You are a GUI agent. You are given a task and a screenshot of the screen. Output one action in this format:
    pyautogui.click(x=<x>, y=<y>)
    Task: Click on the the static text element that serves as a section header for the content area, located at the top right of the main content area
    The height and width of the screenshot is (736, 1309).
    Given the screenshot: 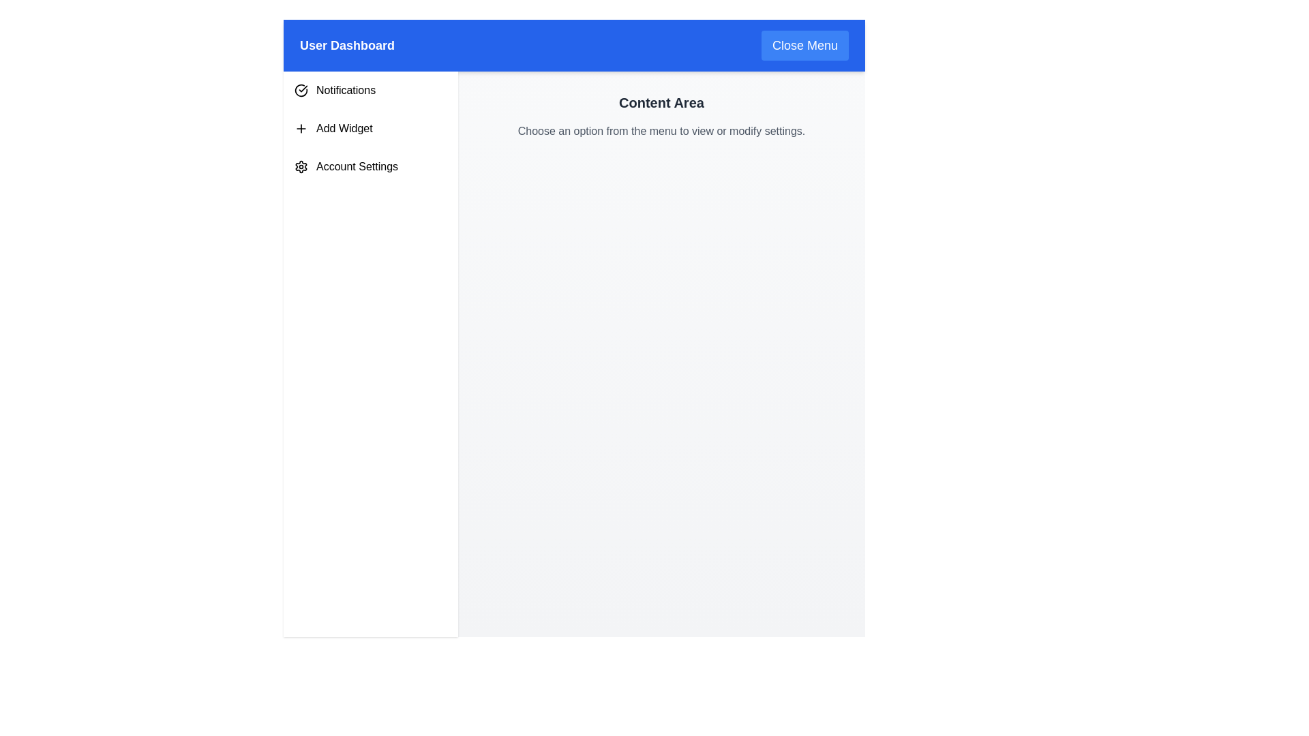 What is the action you would take?
    pyautogui.click(x=661, y=102)
    